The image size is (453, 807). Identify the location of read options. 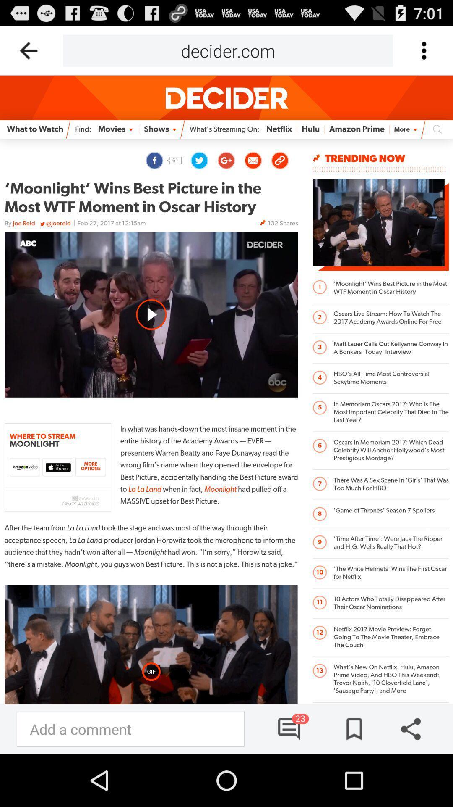
(423, 50).